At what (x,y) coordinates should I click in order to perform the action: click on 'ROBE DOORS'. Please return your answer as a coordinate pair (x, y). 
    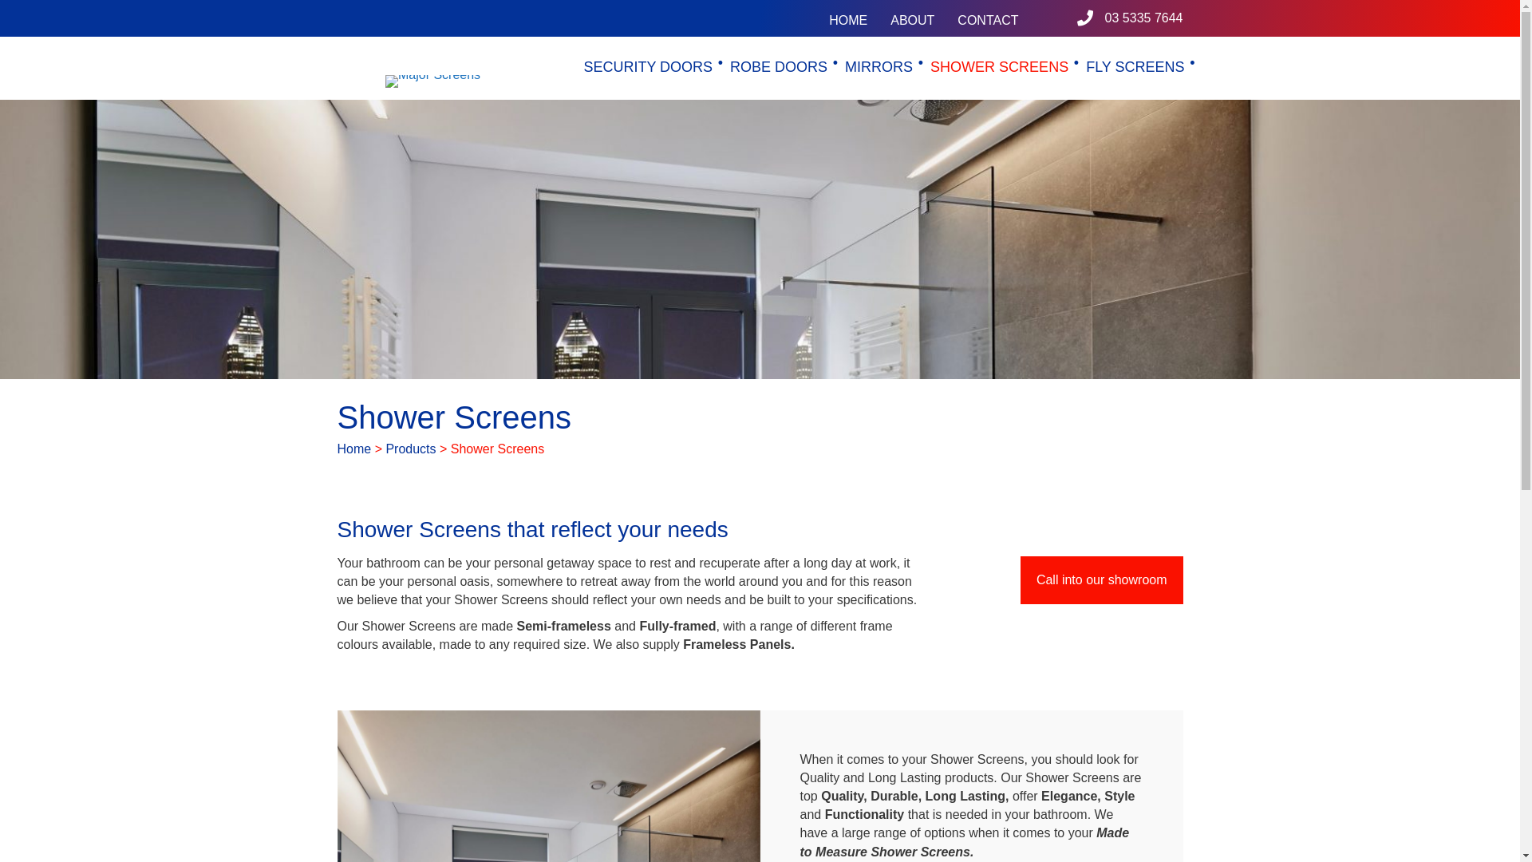
    Looking at the image, I should click on (777, 65).